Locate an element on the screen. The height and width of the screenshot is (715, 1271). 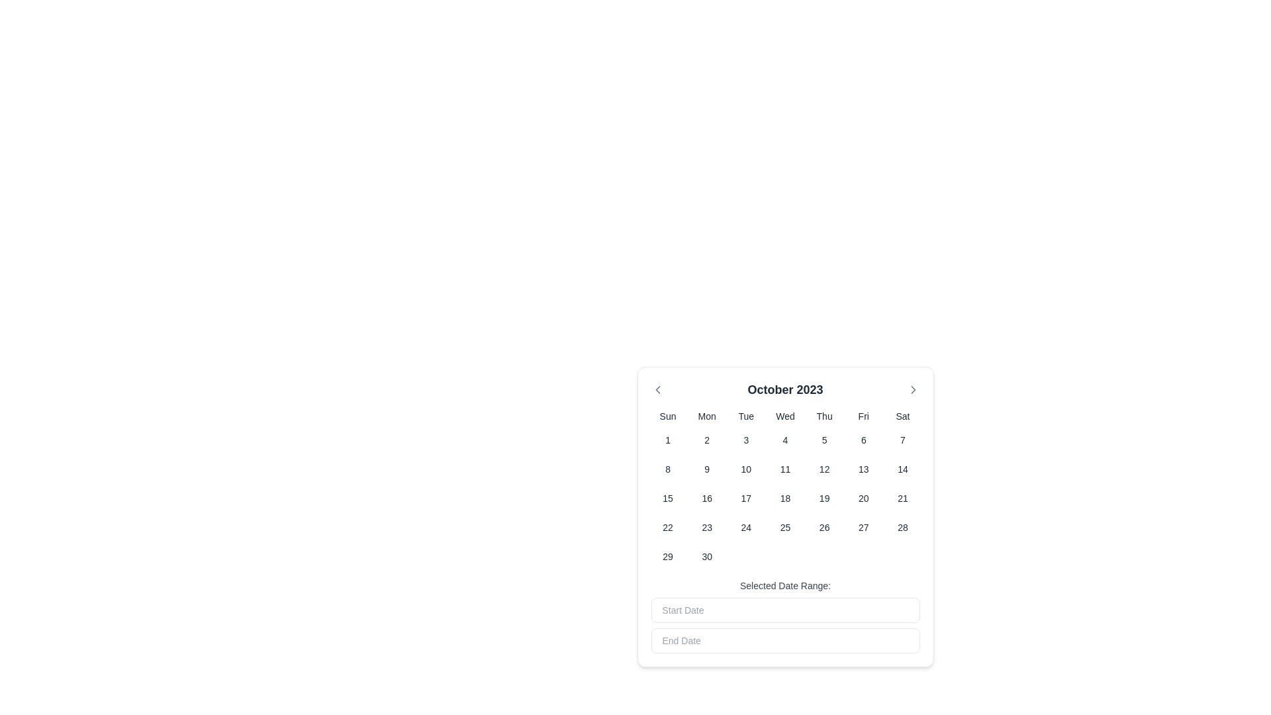
the left-pointing chevron SVG graphic in the top-left corner of the calendar interface is located at coordinates (657, 389).